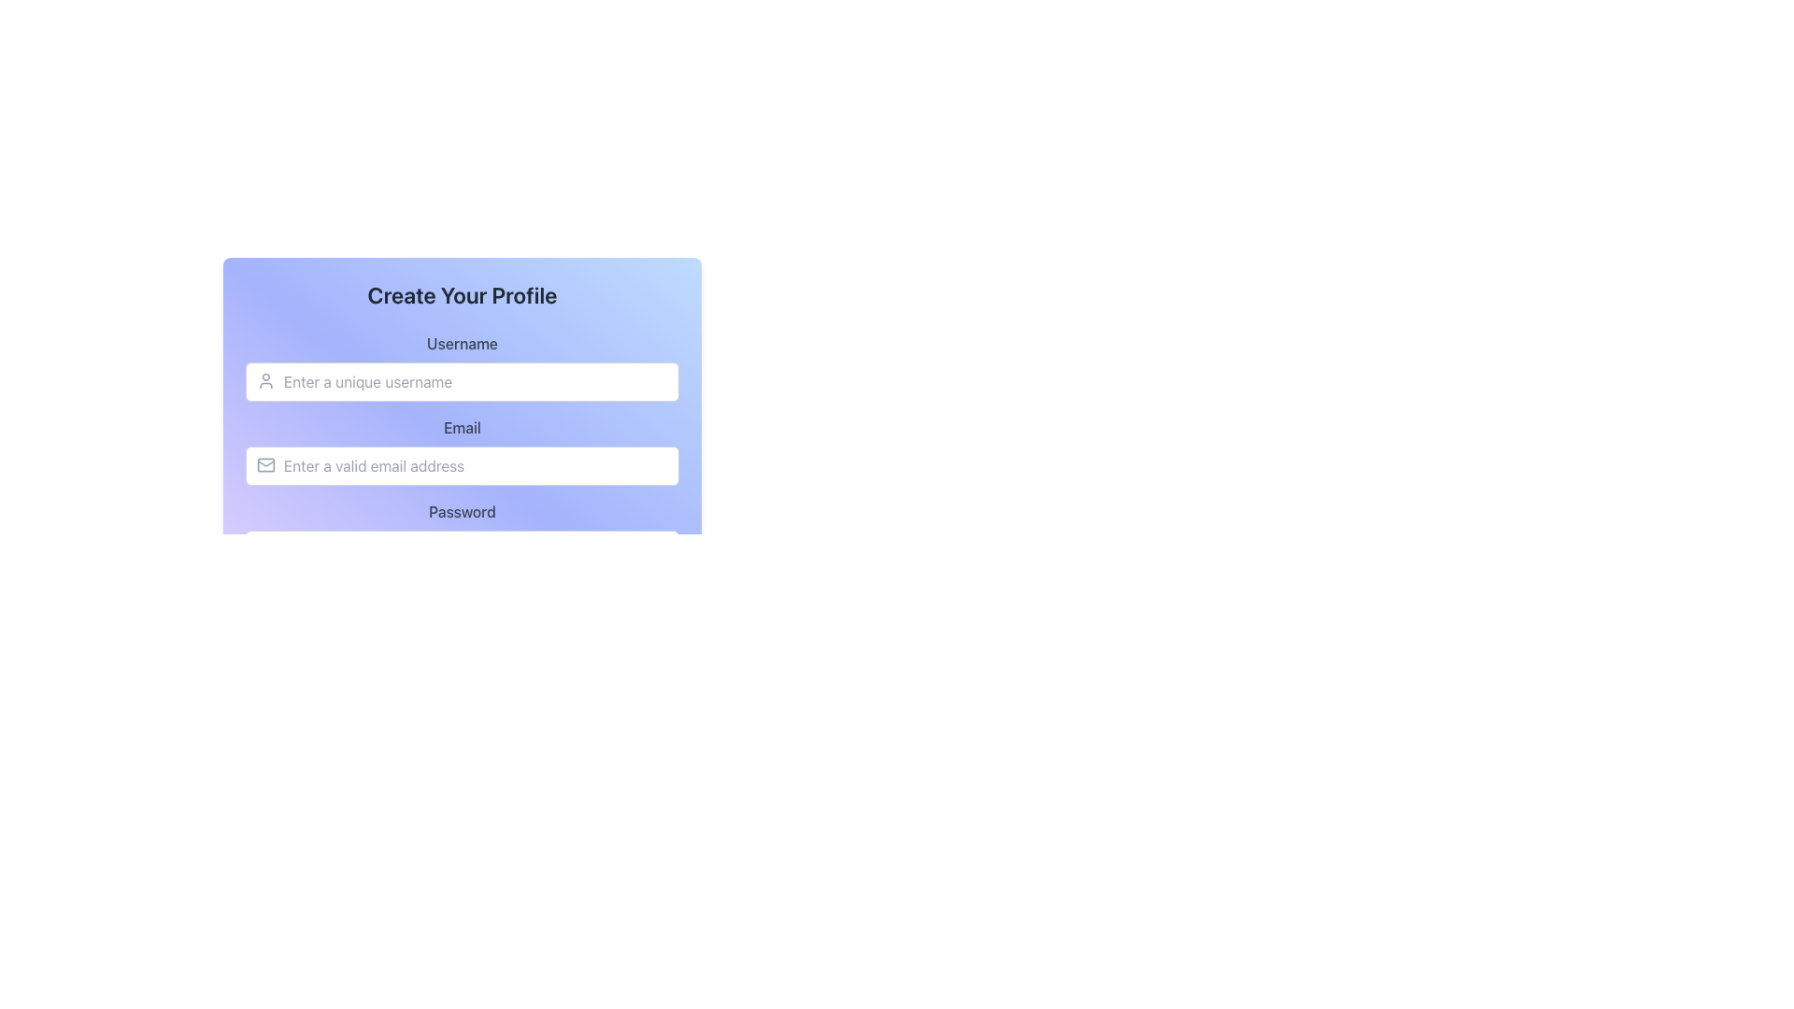  Describe the element at coordinates (462, 535) in the screenshot. I see `the 'Password' label` at that location.